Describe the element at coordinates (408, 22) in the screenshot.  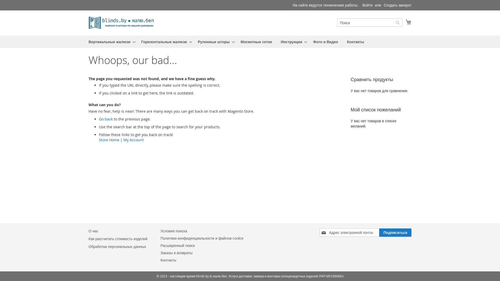
I see `'My Cart'` at that location.